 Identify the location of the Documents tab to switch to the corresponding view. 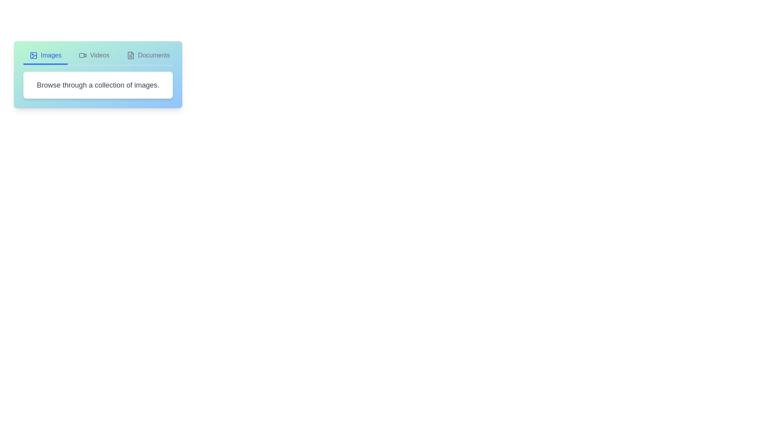
(148, 57).